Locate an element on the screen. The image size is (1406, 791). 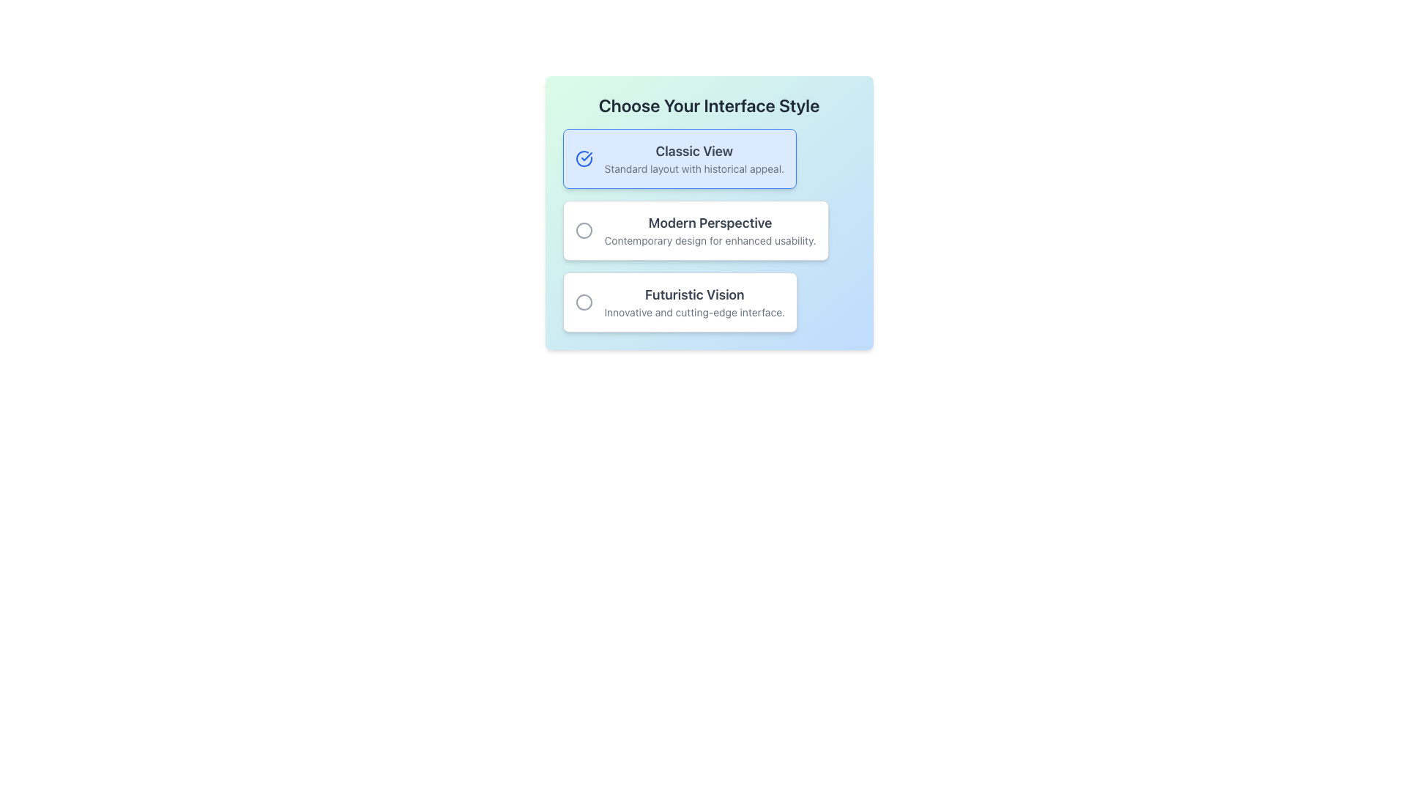
the unselected radio button for the 'Futuristic Vision' option, which is the third option in the list is located at coordinates (583, 301).